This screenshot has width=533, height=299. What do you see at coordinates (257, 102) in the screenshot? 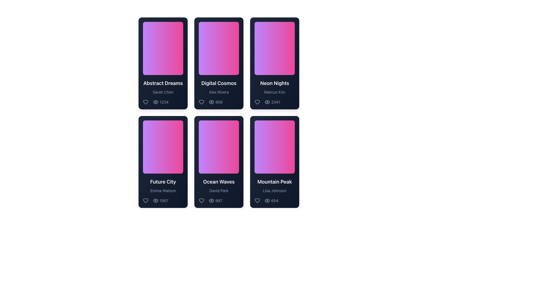
I see `the like button (heart icon) located in the lower left corner of the 'Neon Nights' card beneath 'Marcus Kim' to possibly see a tooltip or feedback` at bounding box center [257, 102].